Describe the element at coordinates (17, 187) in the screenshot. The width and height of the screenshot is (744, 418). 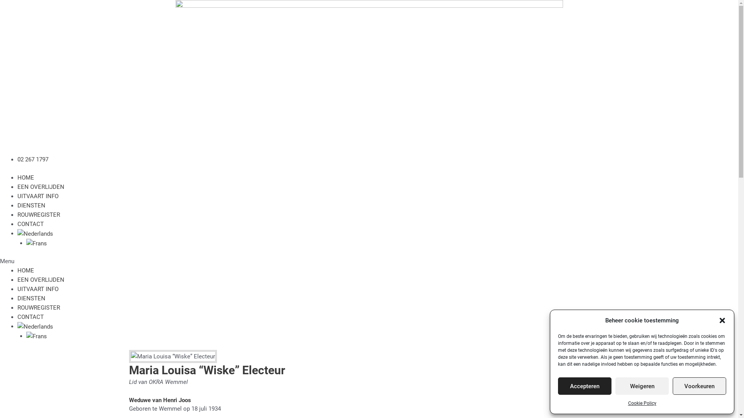
I see `'EEN OVERLIJDEN'` at that location.